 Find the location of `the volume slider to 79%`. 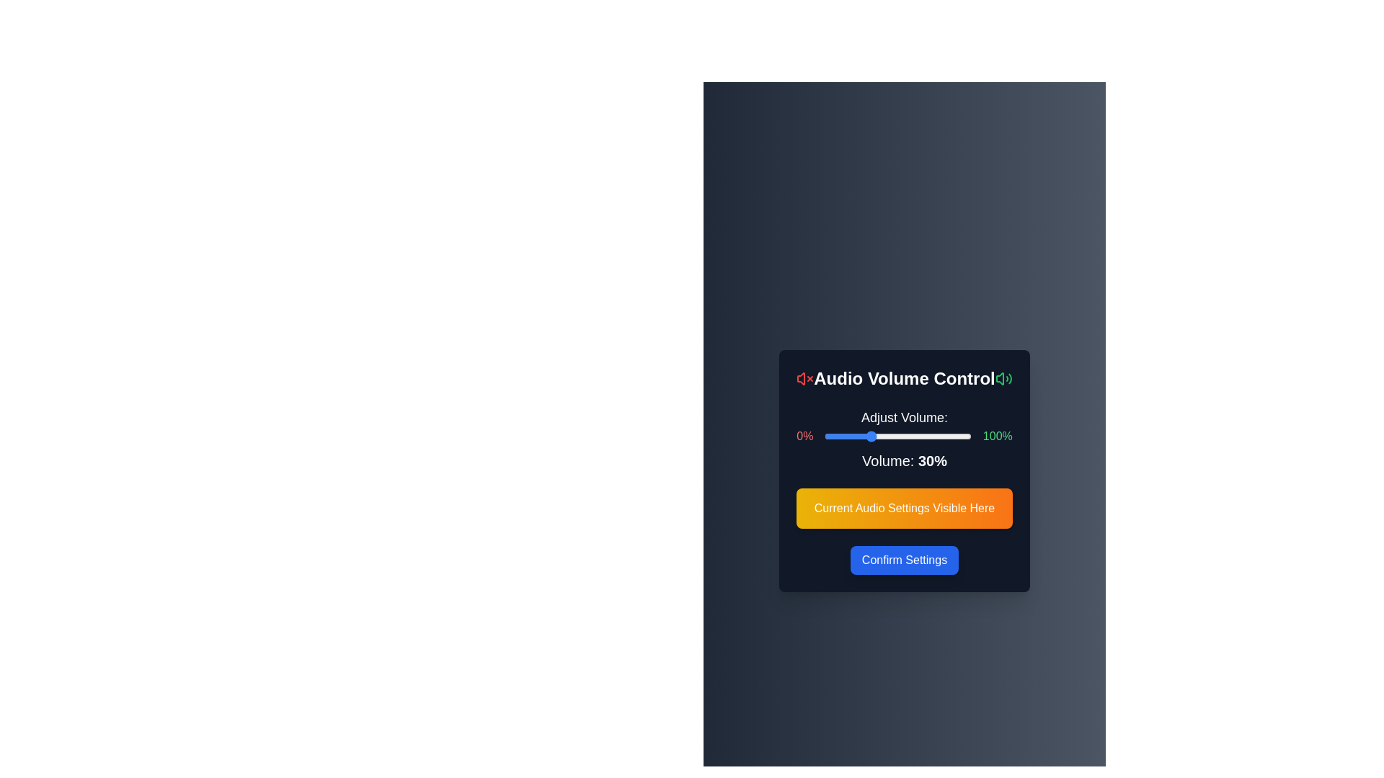

the volume slider to 79% is located at coordinates (941, 435).